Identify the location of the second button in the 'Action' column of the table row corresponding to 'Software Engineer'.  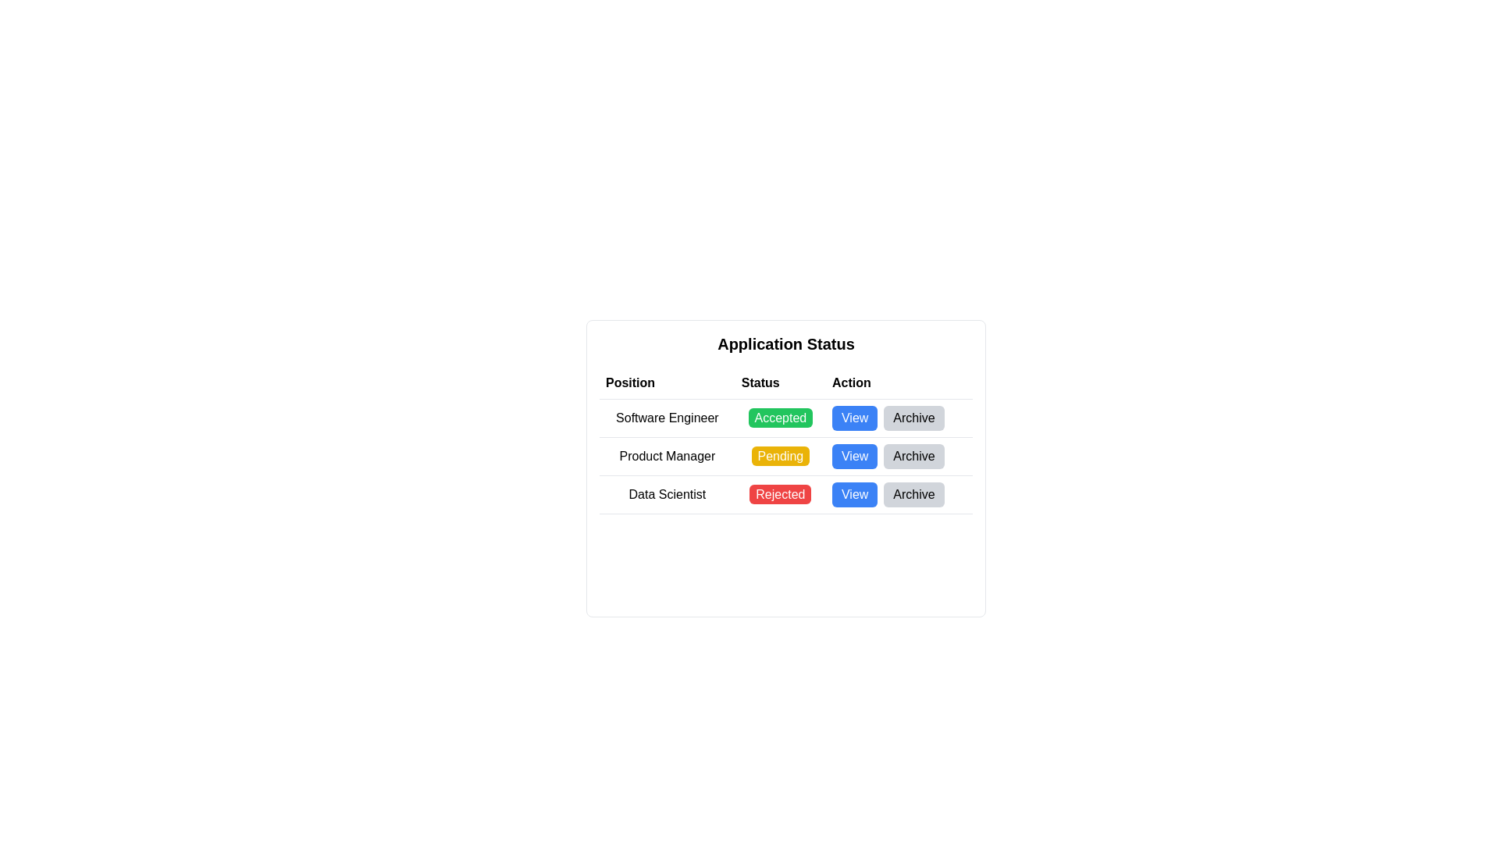
(914, 418).